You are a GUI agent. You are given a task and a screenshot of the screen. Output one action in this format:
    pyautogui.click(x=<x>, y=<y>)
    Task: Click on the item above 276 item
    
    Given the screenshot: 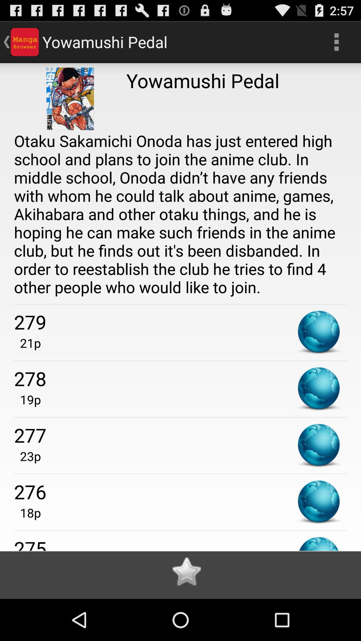 What is the action you would take?
    pyautogui.click(x=27, y=456)
    